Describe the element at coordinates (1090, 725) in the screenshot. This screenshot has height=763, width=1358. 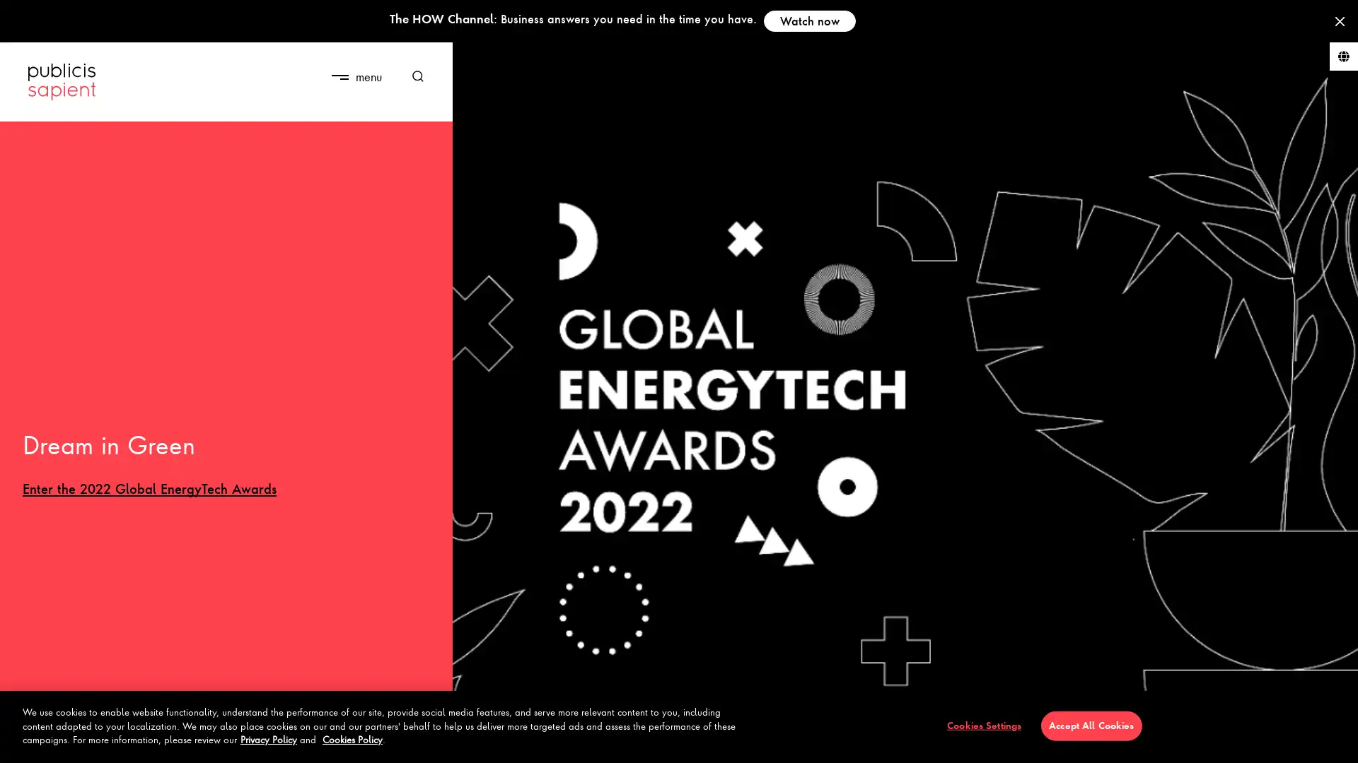
I see `Accept All Cookies` at that location.